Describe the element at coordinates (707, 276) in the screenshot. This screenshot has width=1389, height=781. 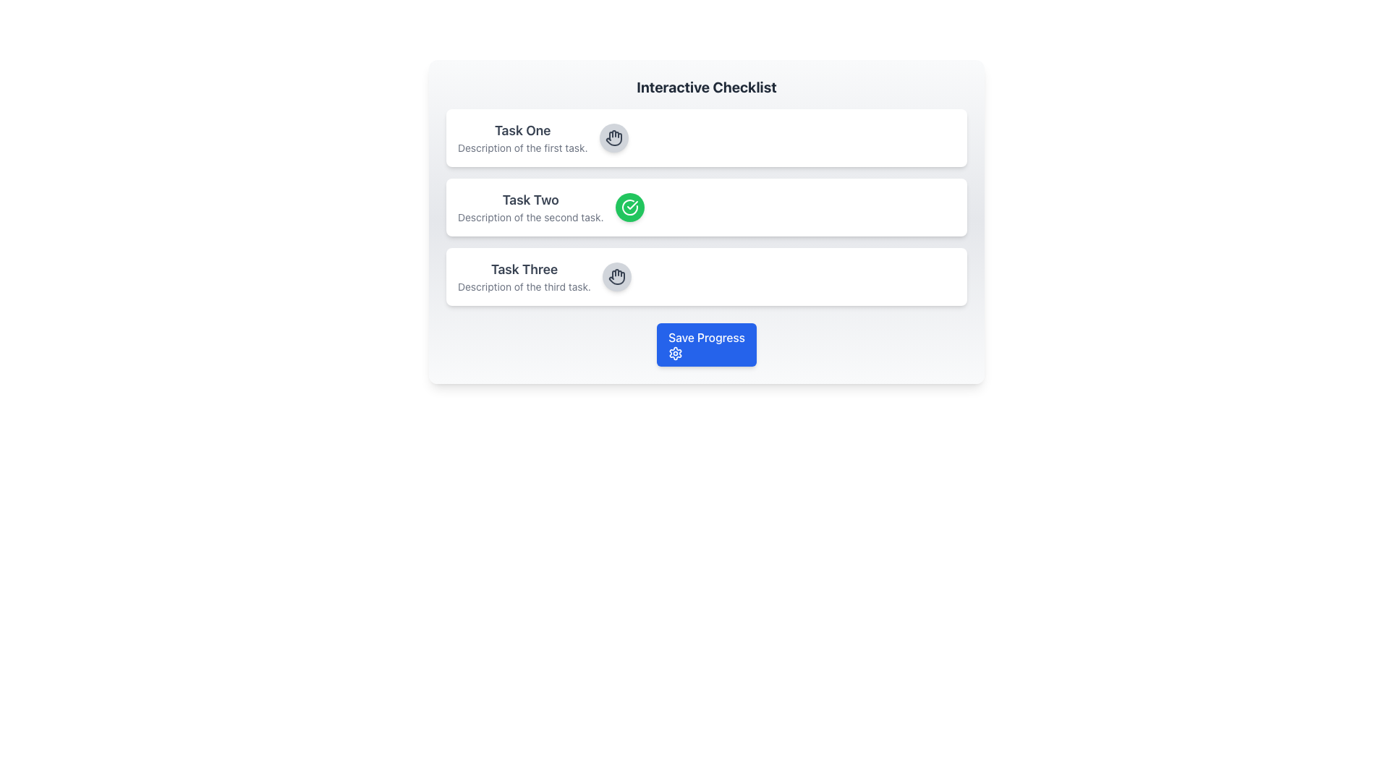
I see `the third task item in the checklist interface, which displays its title and description, positioned below 'Task Two'` at that location.